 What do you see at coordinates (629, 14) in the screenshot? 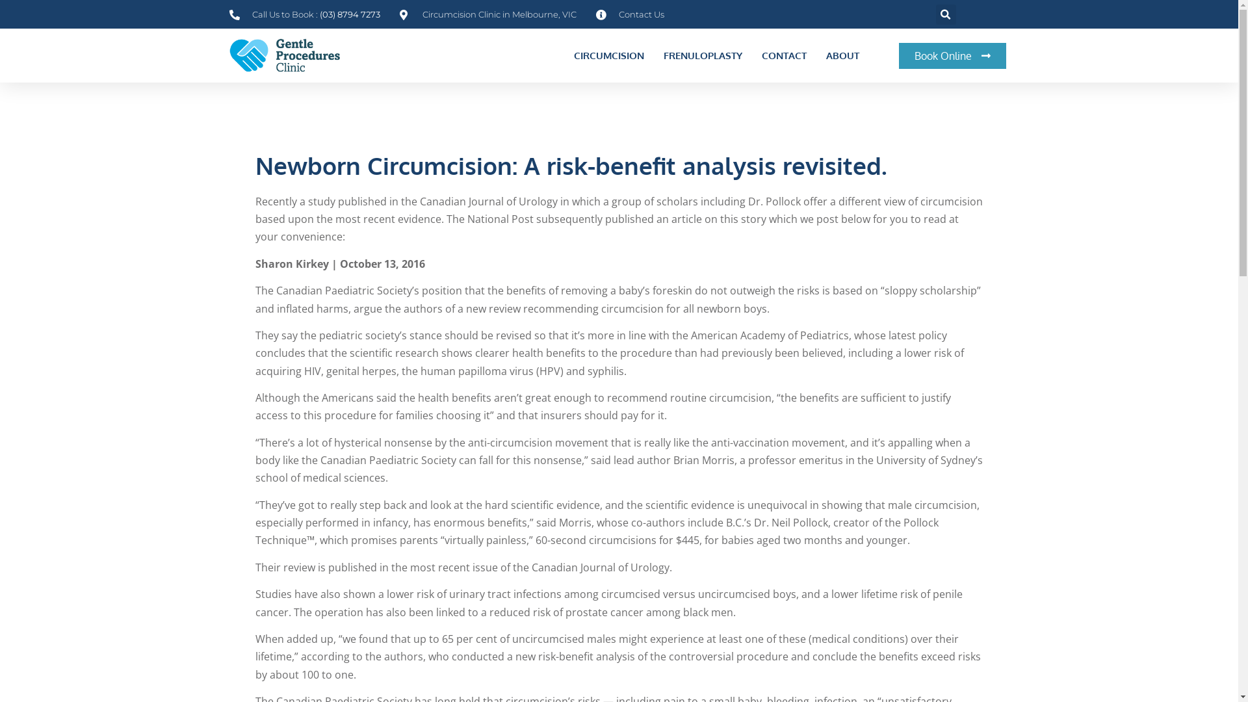
I see `'Contact Us'` at bounding box center [629, 14].